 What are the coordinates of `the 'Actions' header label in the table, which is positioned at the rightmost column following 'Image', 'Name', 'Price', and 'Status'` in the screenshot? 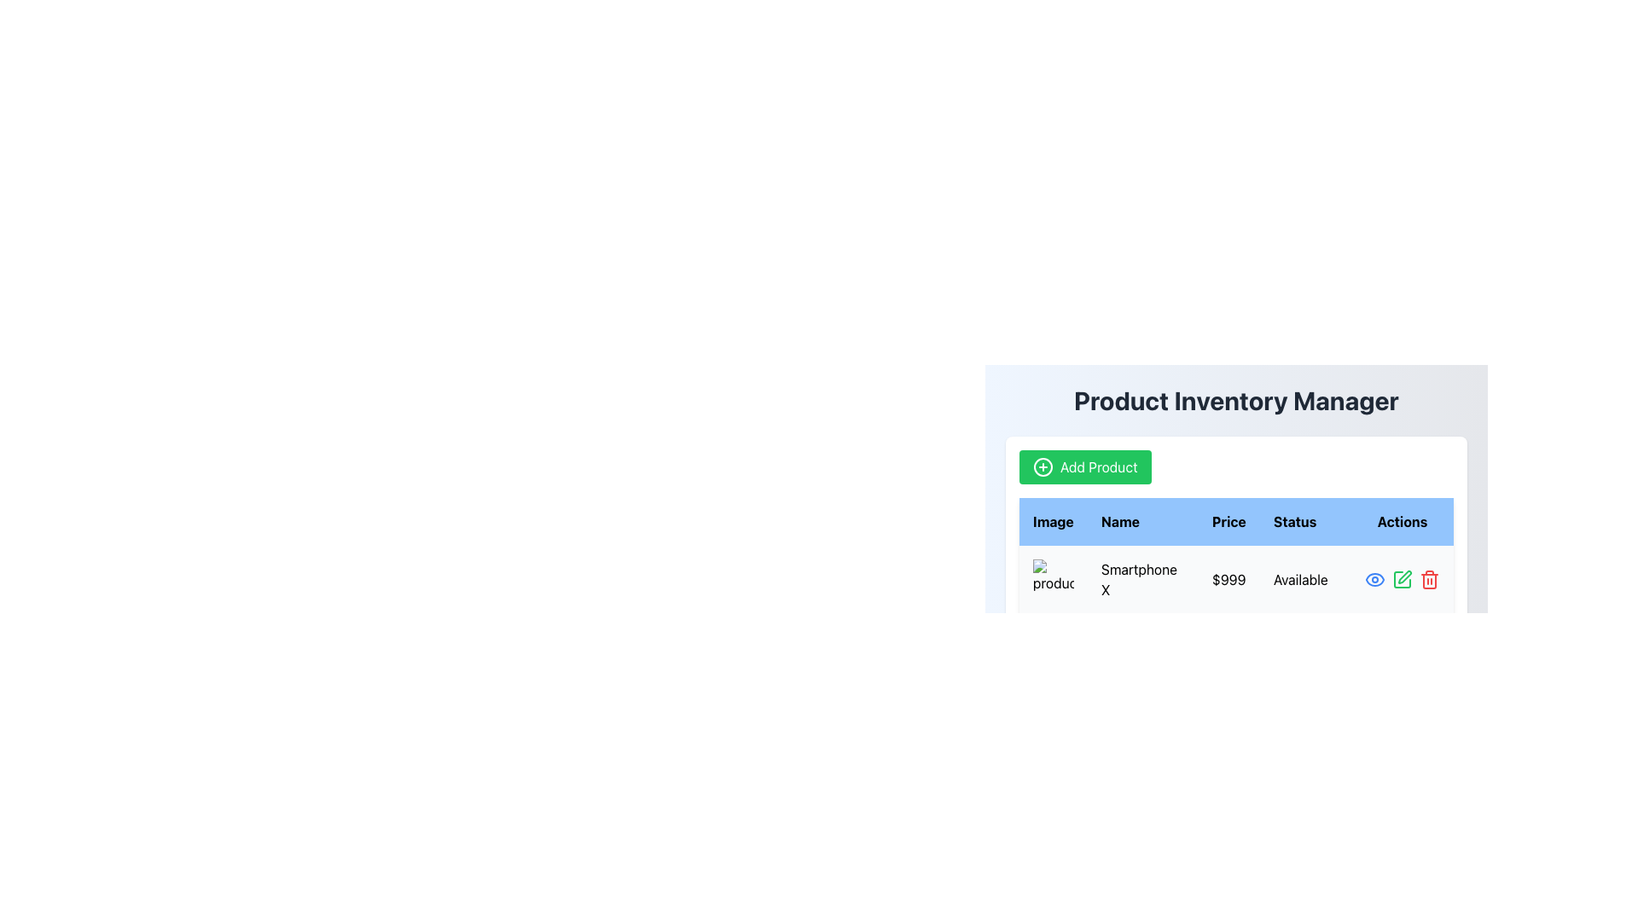 It's located at (1402, 521).